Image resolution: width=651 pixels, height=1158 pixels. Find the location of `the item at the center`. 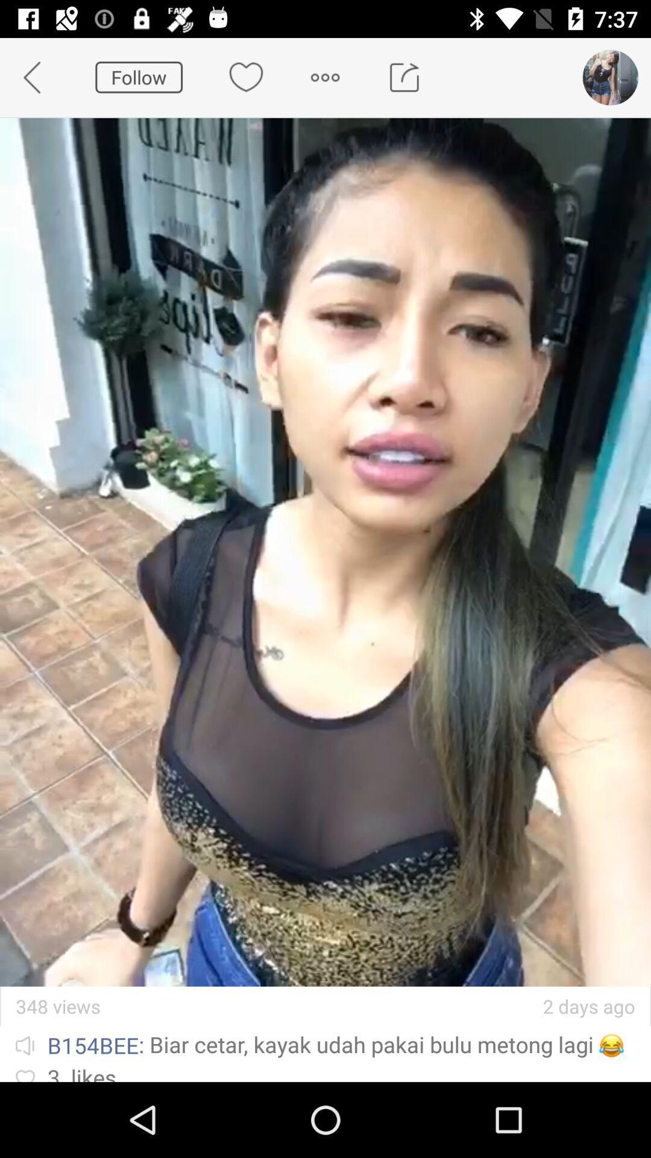

the item at the center is located at coordinates (325, 551).